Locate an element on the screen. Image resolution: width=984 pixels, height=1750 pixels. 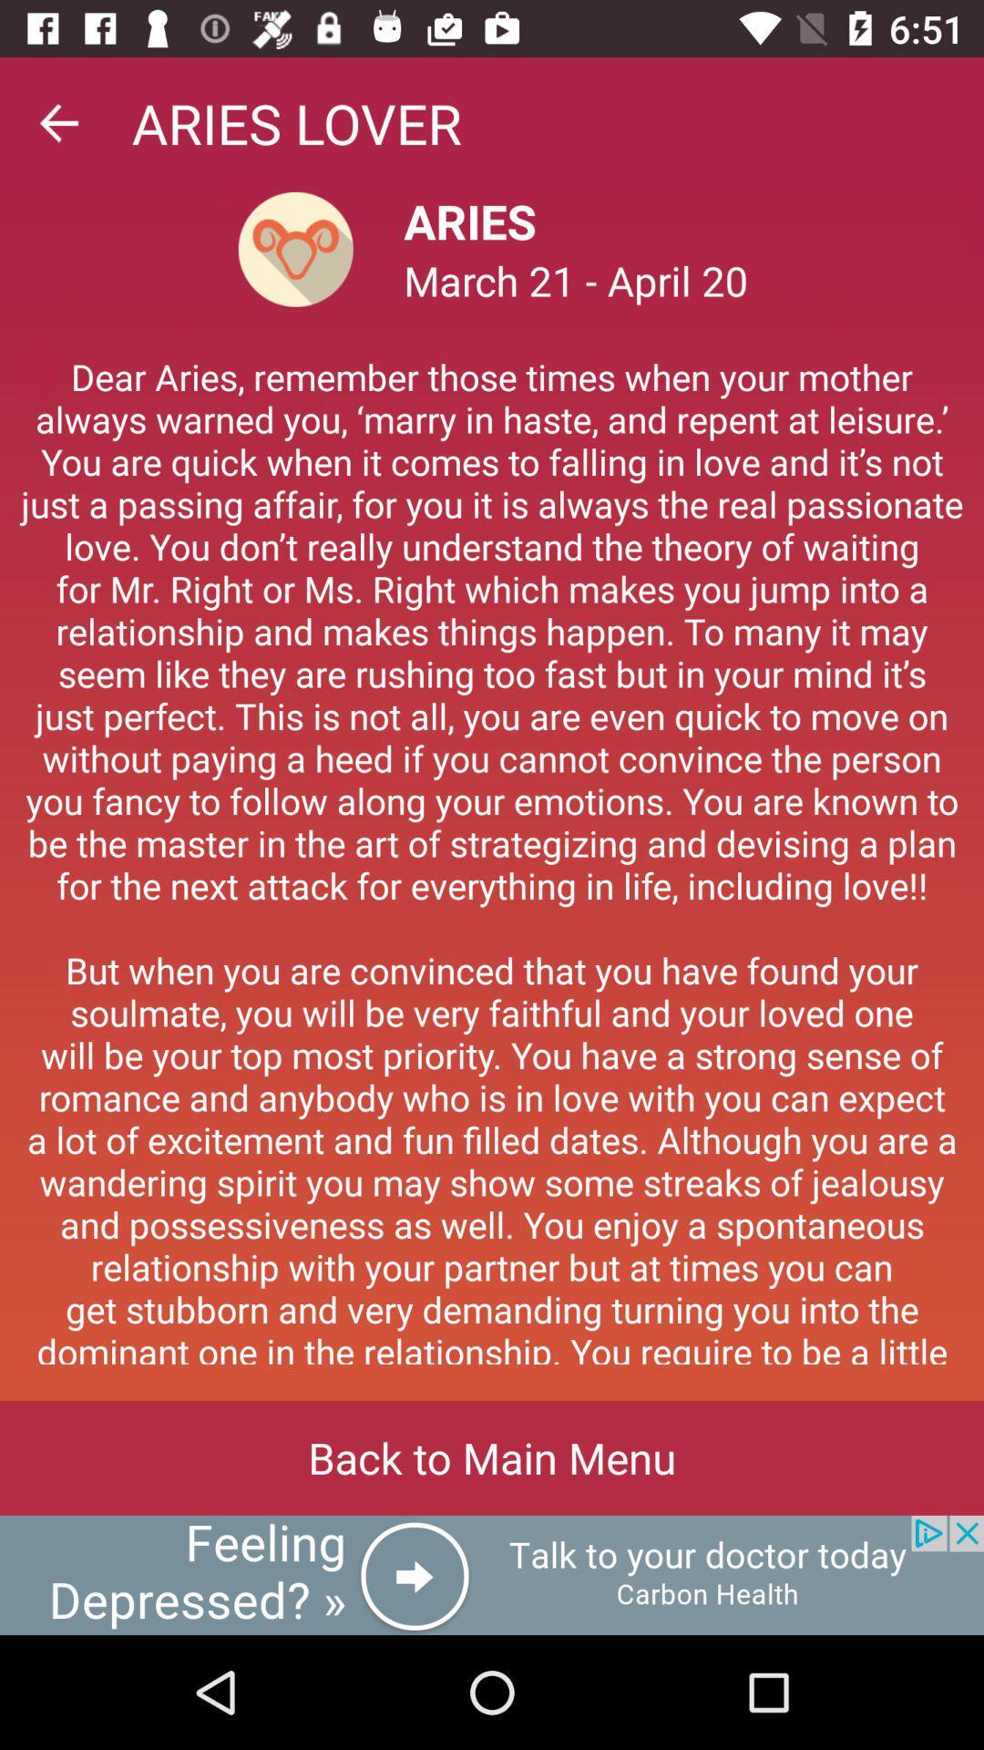
previous is located at coordinates (57, 122).